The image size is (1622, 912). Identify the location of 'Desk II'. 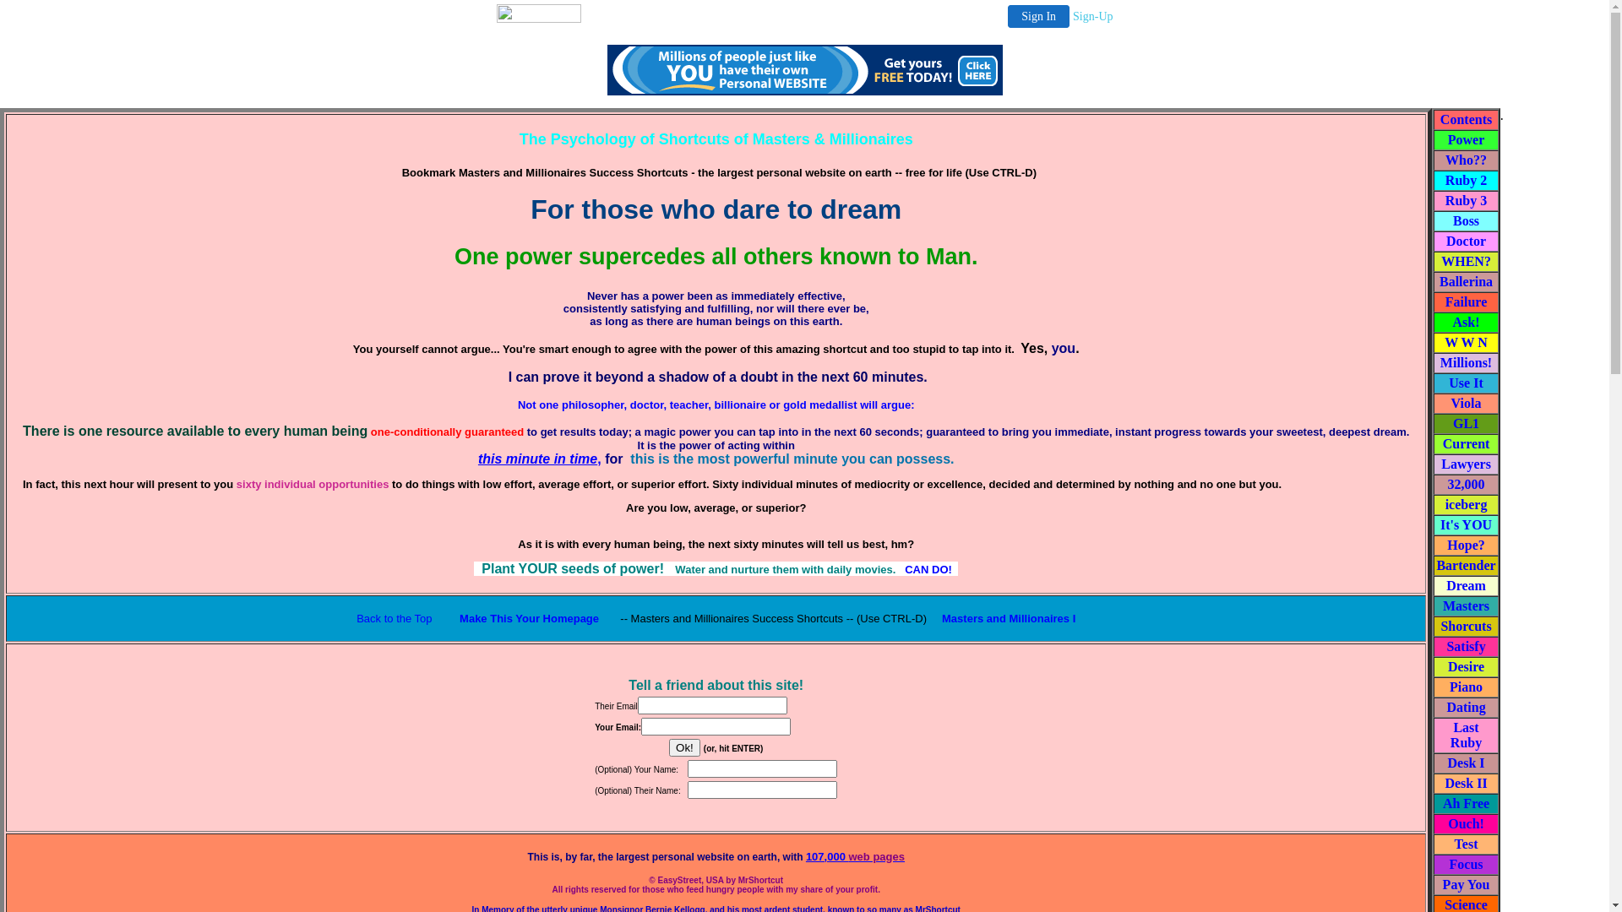
(1443, 783).